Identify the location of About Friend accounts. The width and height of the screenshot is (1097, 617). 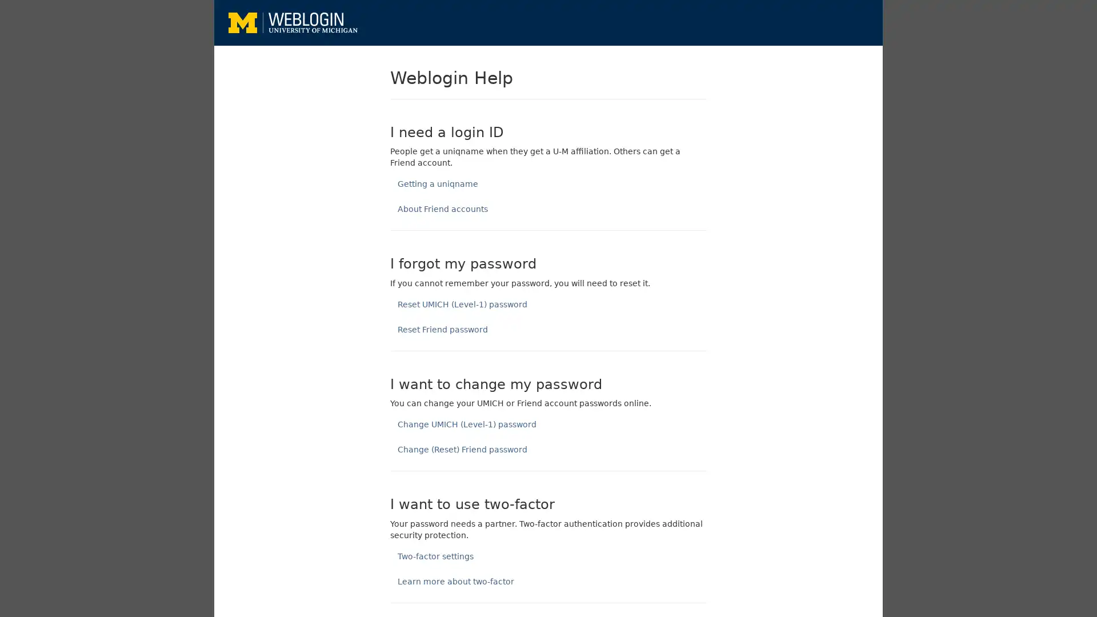
(441, 209).